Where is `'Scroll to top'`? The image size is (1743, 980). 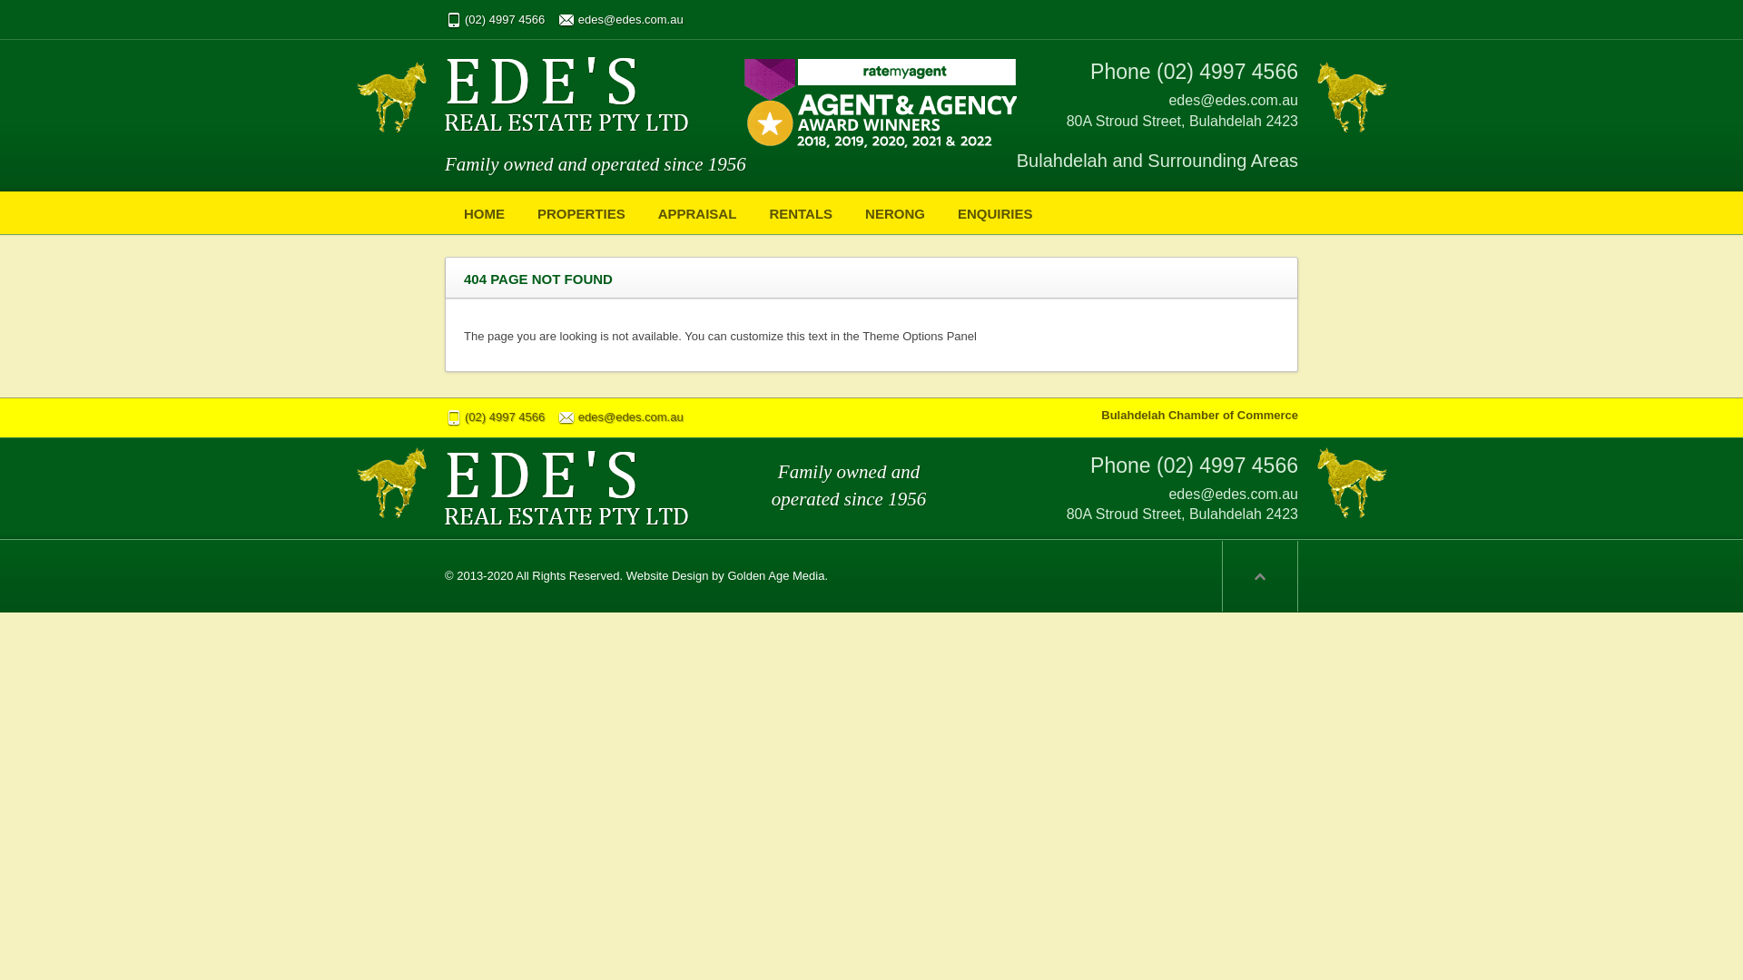 'Scroll to top' is located at coordinates (1258, 576).